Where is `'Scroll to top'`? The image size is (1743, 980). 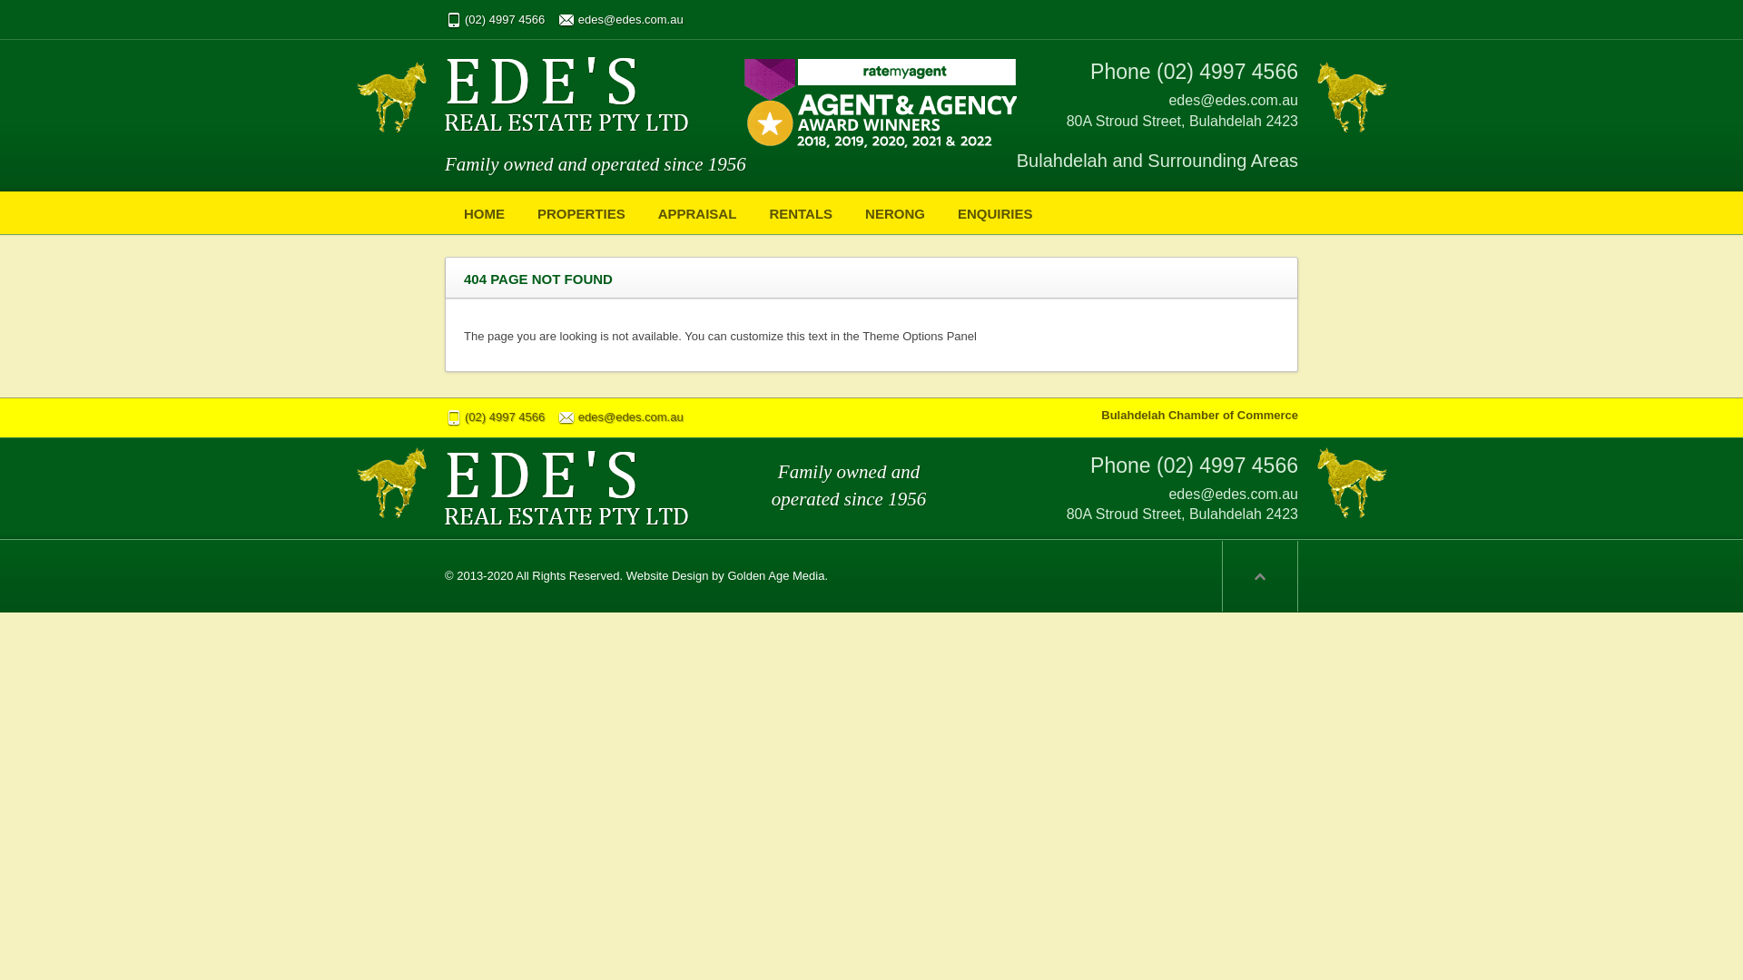 'Scroll to top' is located at coordinates (1258, 576).